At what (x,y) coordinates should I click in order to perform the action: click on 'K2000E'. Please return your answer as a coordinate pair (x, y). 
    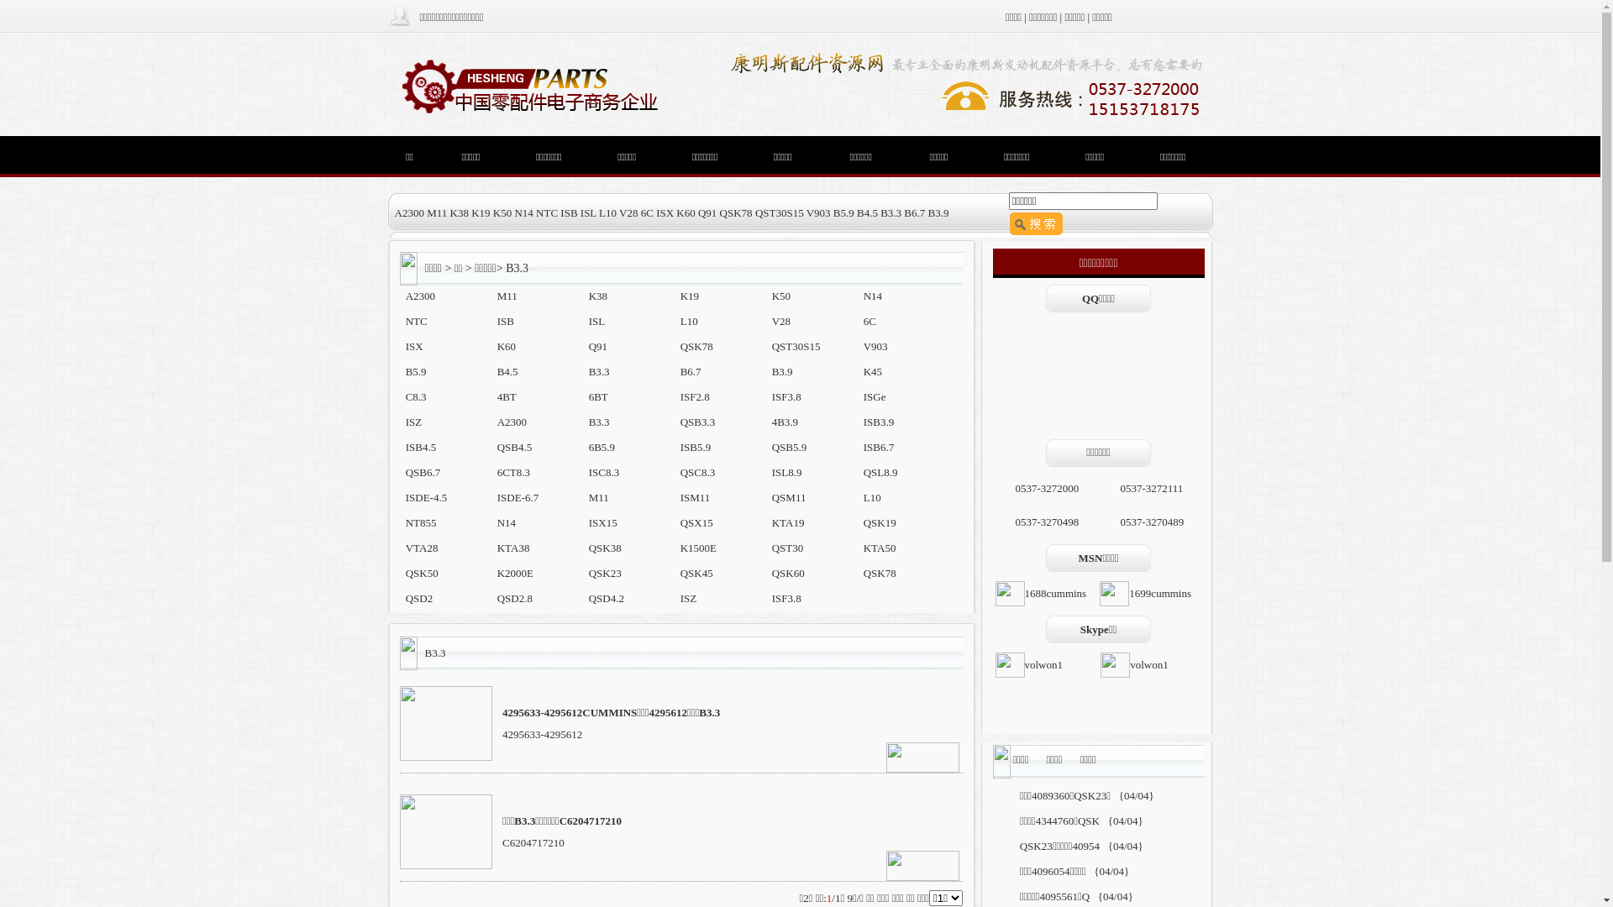
    Looking at the image, I should click on (514, 572).